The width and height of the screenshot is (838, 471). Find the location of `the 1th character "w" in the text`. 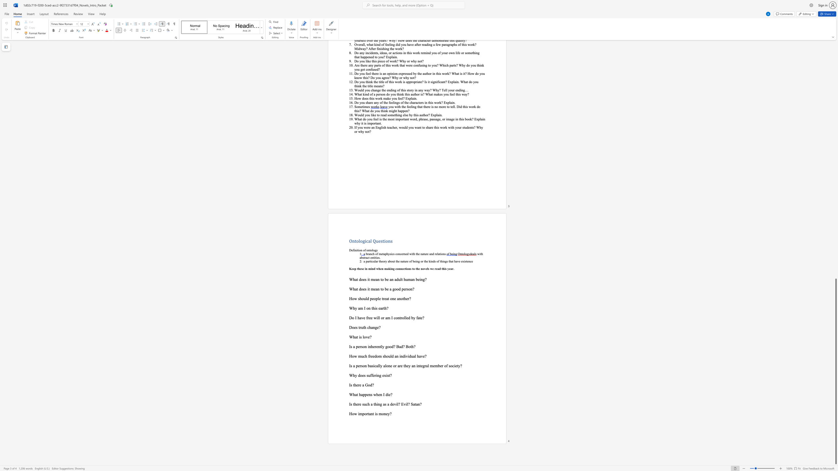

the 1th character "w" in the text is located at coordinates (355, 413).